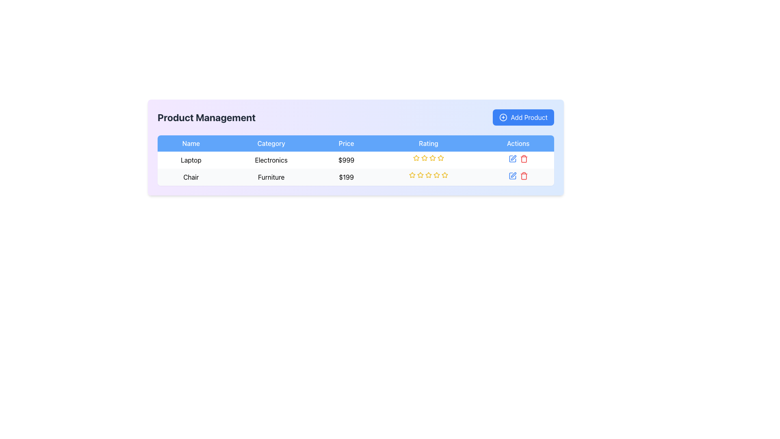  What do you see at coordinates (420, 175) in the screenshot?
I see `the Star Icon representing the rating for the 'Chair' product, located in the 'Rating' column of the second row in the table` at bounding box center [420, 175].